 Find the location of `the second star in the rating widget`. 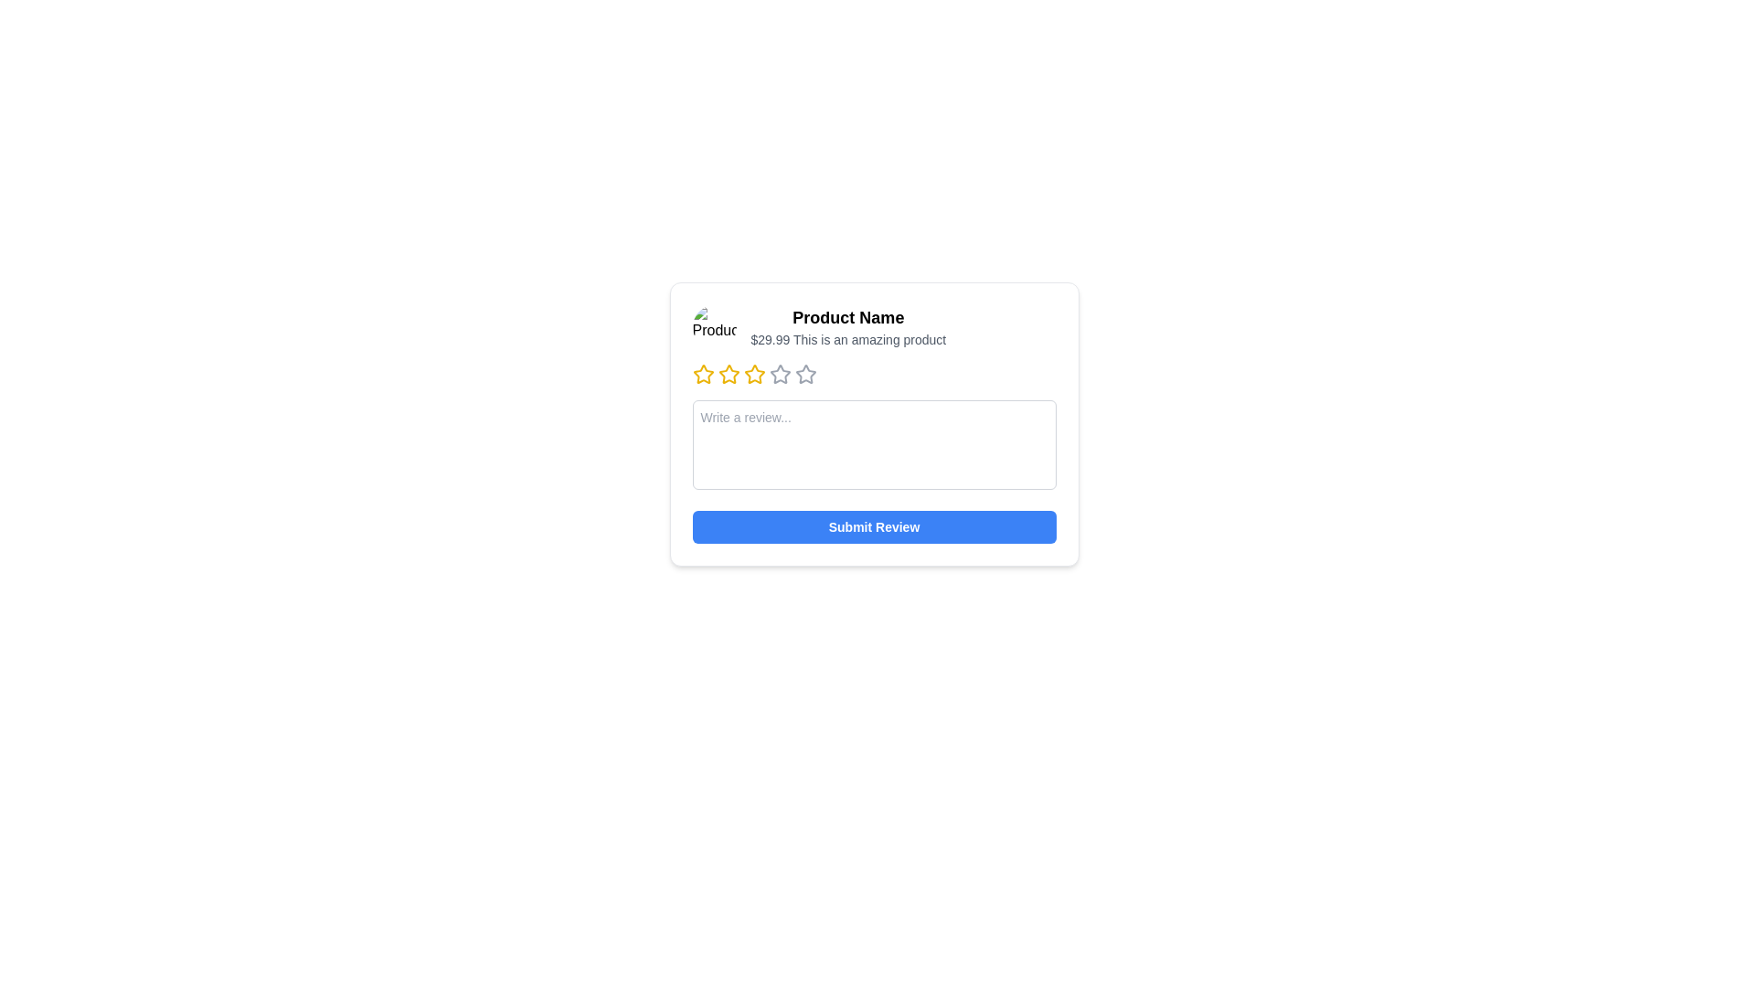

the second star in the rating widget is located at coordinates (728, 373).